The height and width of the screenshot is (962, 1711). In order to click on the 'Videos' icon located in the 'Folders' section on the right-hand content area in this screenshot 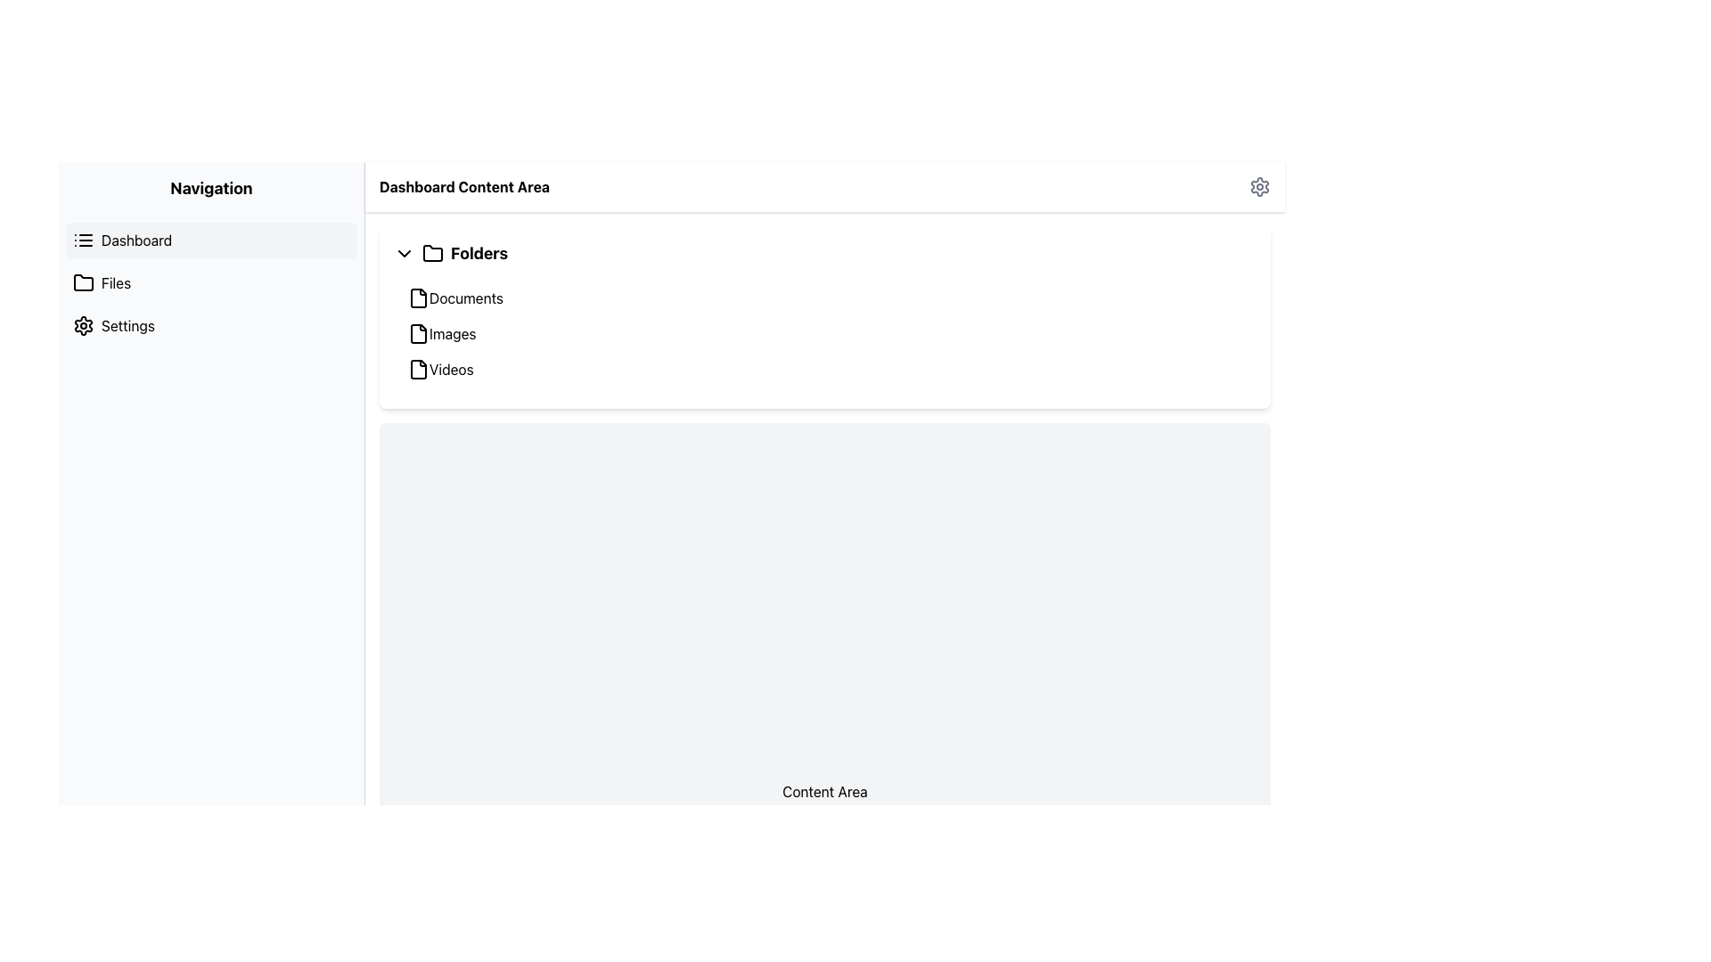, I will do `click(418, 369)`.